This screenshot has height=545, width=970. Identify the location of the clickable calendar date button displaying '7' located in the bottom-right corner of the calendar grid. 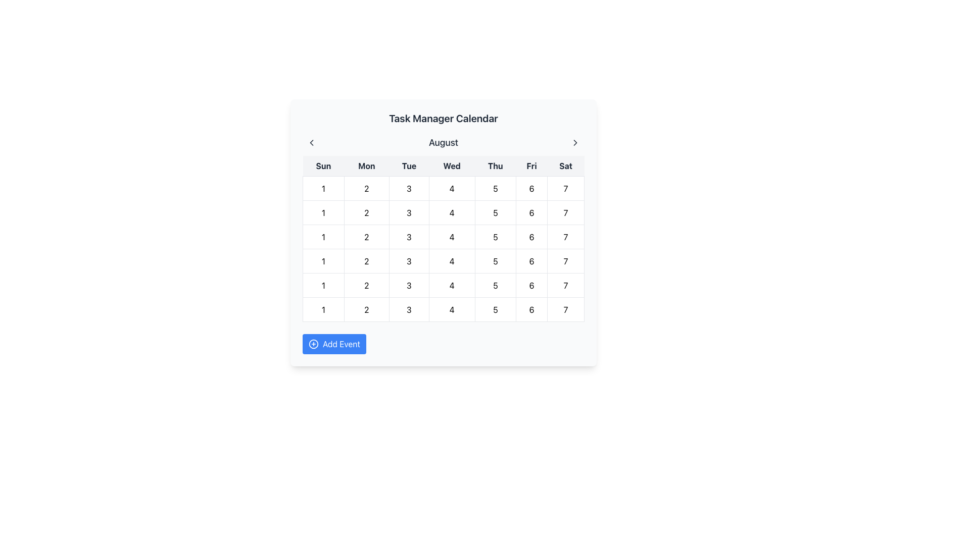
(566, 188).